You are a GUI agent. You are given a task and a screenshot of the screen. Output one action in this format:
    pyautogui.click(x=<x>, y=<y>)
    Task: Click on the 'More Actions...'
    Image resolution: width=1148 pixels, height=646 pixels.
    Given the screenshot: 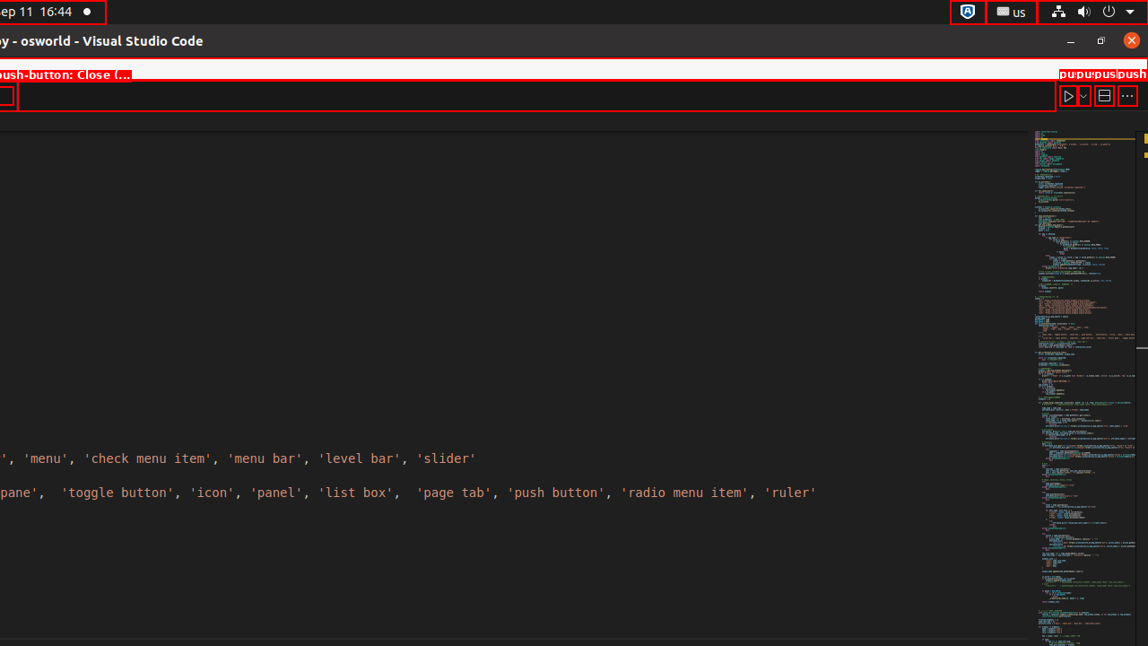 What is the action you would take?
    pyautogui.click(x=1126, y=95)
    